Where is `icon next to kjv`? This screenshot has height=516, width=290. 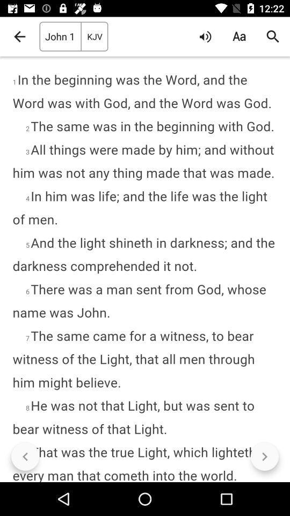
icon next to kjv is located at coordinates (205, 37).